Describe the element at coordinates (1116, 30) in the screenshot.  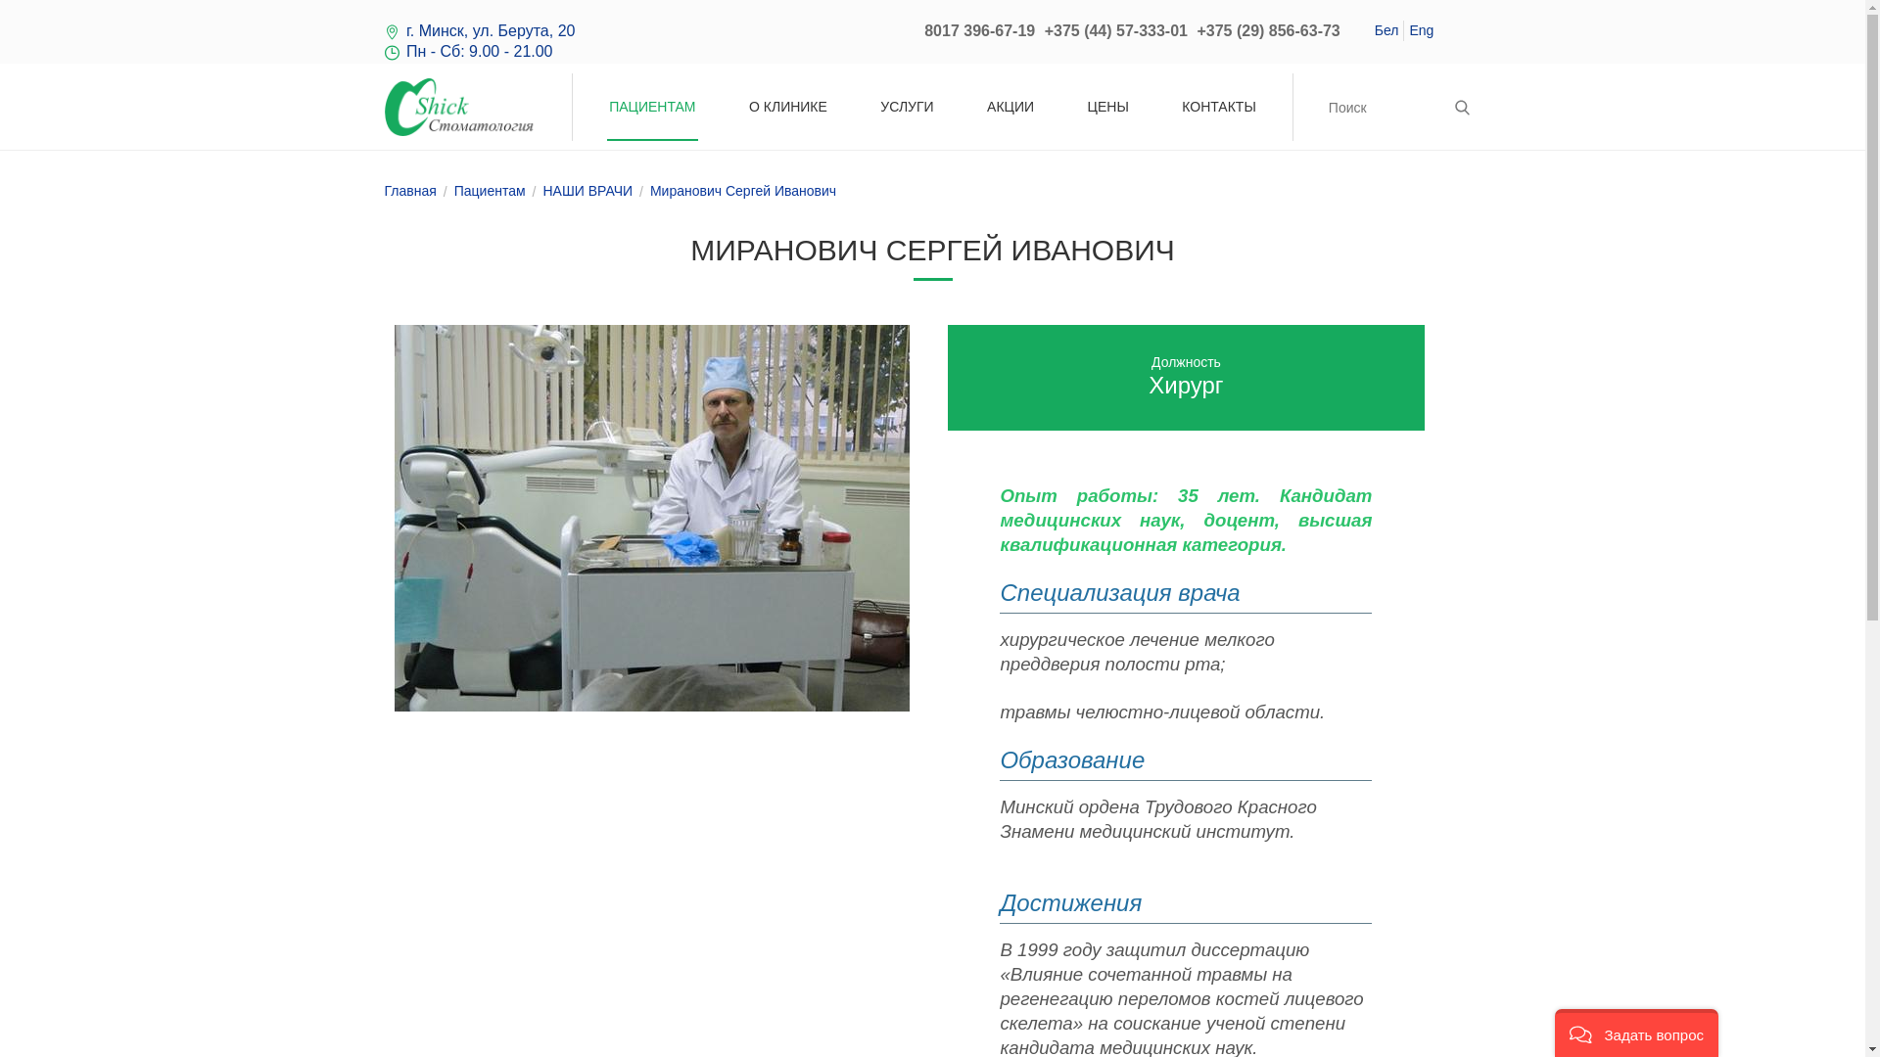
I see `'+375 (44) 57-333-01'` at that location.